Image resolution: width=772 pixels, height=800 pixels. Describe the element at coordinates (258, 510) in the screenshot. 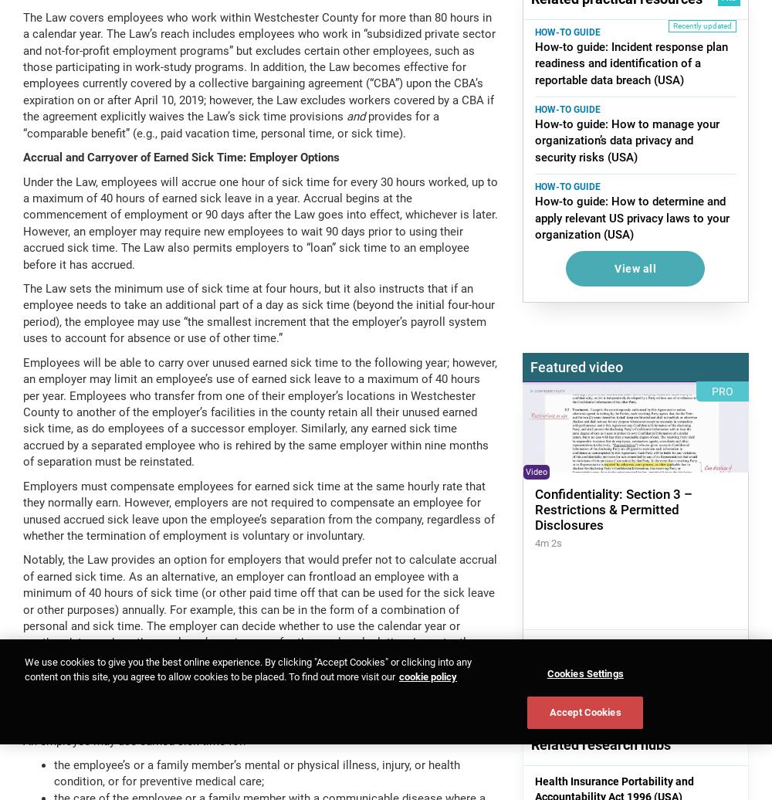

I see `'Employers must compensate employees for earned sick time at the same hourly rate that they normally earn. However, employers are not required to compensate an employee for unused accrued sick leave upon the employee’s separation from the company, regardless of whether the termination of employment is voluntary or involuntary.'` at that location.